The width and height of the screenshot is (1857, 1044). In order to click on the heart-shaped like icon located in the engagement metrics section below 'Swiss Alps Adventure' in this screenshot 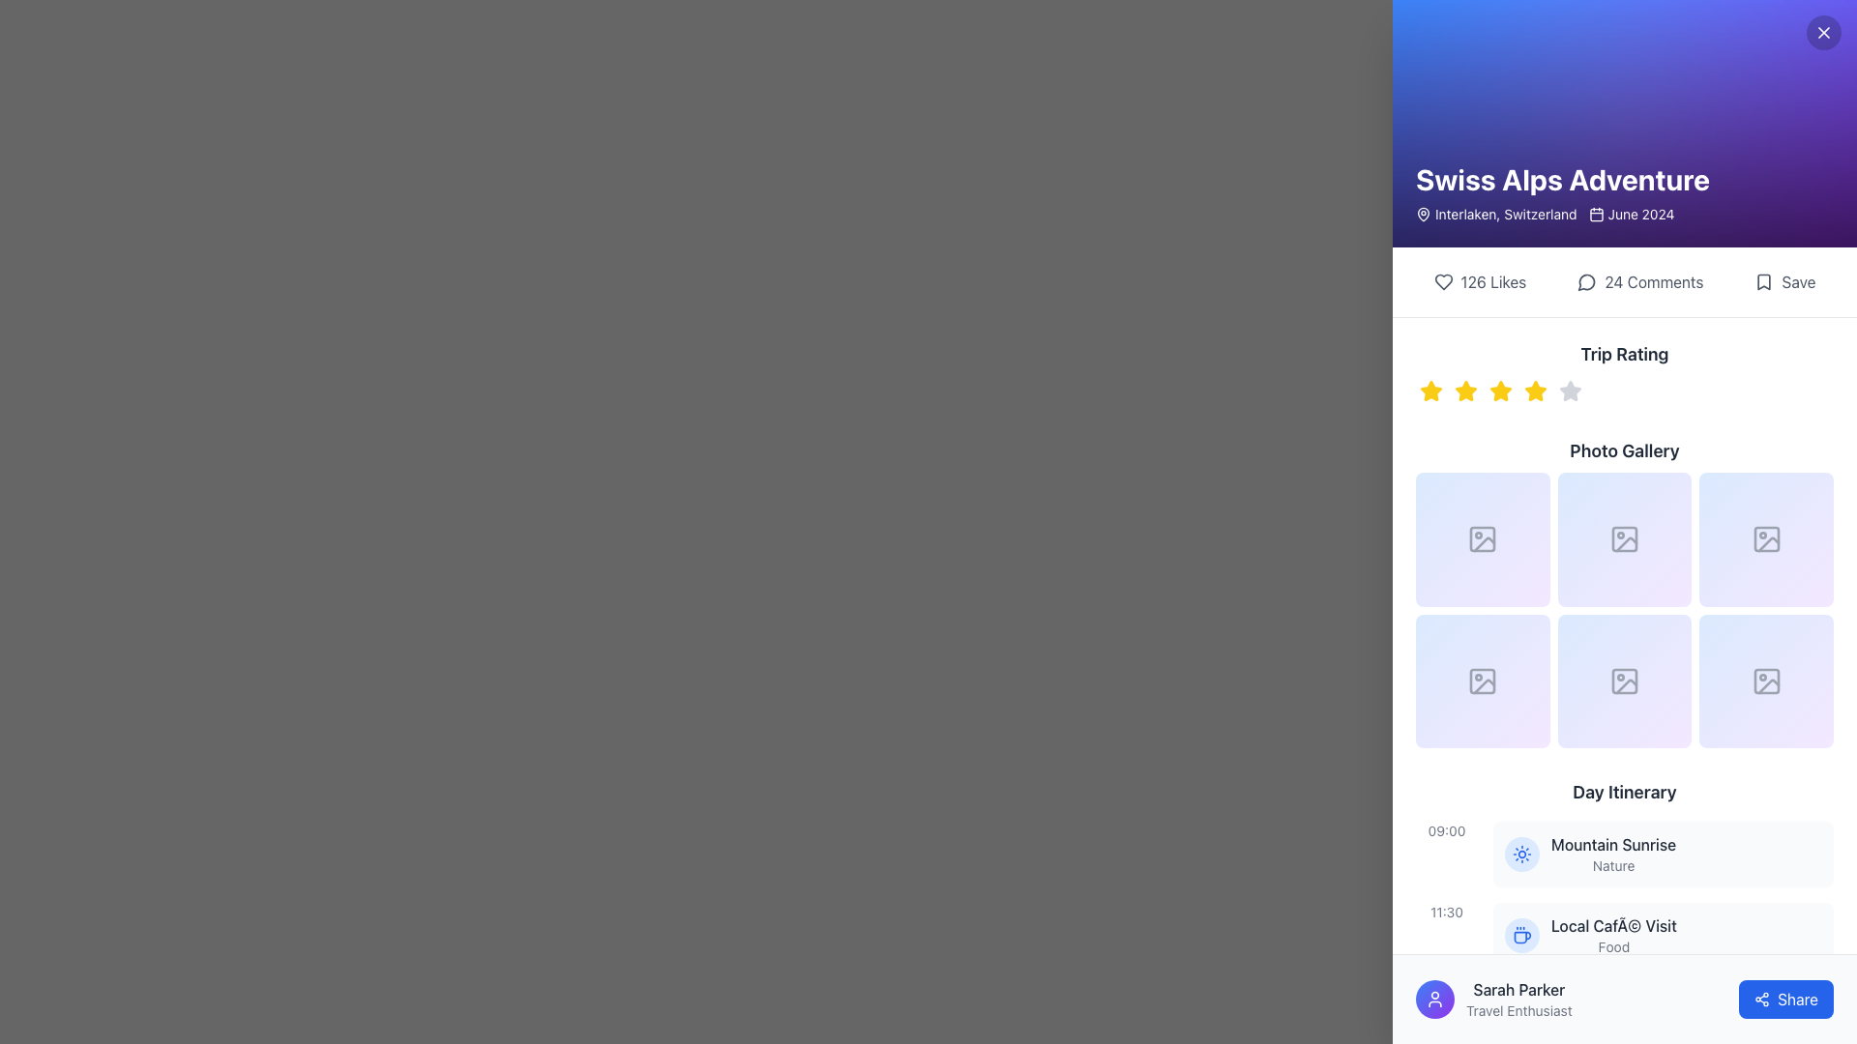, I will do `click(1443, 282)`.